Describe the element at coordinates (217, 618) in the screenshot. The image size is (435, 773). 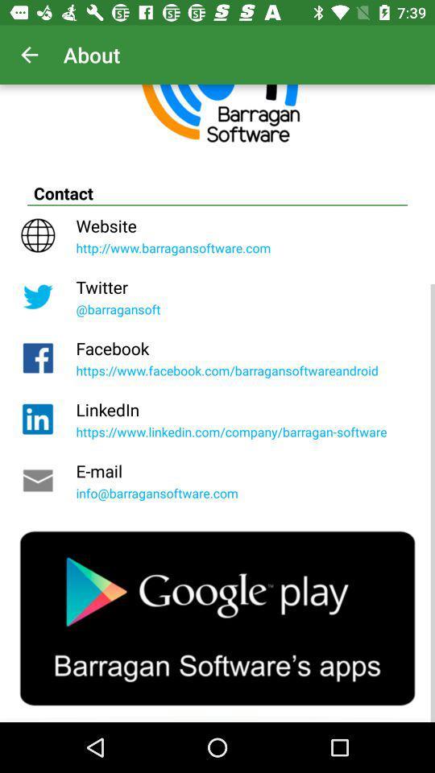
I see `barragan software 's apps` at that location.